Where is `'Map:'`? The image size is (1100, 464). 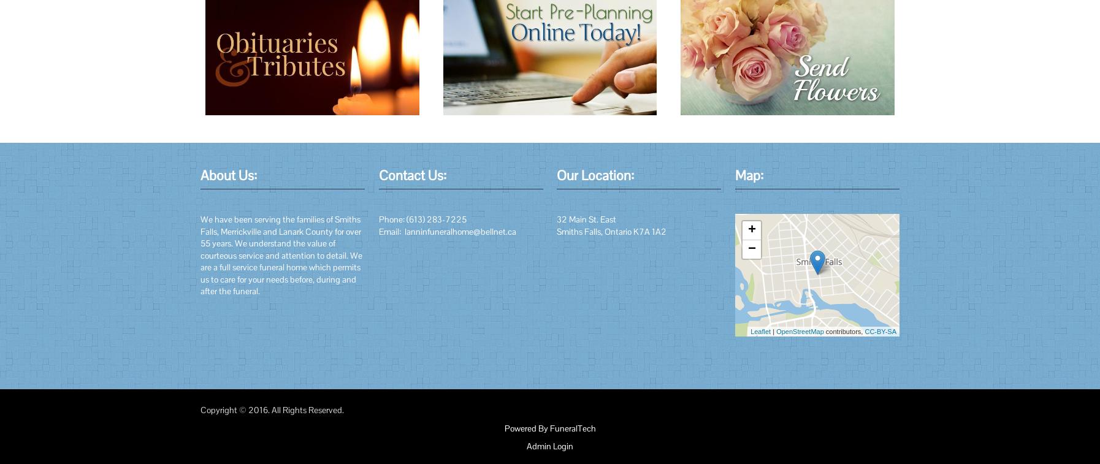
'Map:' is located at coordinates (749, 174).